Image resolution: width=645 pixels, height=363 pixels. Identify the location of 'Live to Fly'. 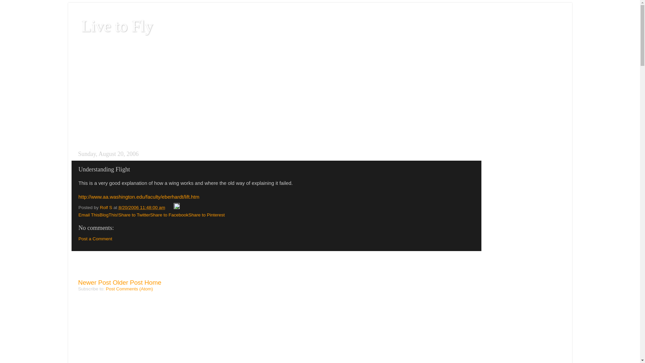
(117, 26).